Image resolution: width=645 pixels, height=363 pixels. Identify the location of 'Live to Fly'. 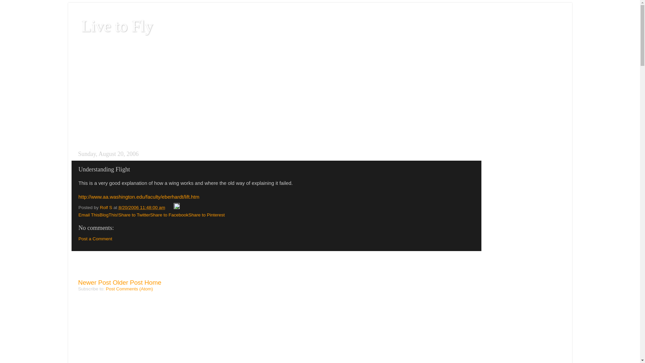
(117, 26).